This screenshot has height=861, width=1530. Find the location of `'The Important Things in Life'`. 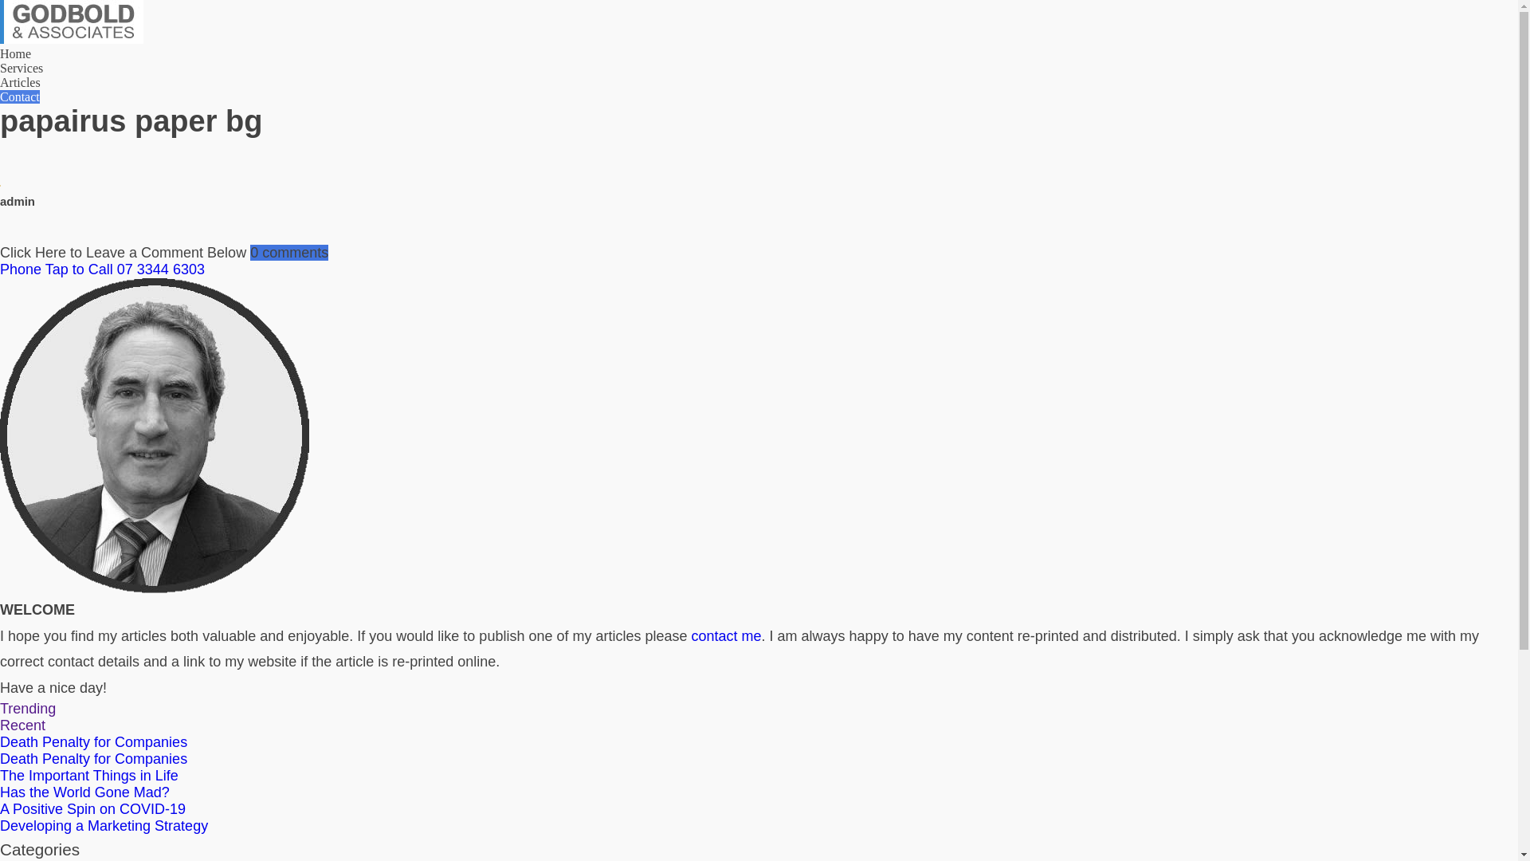

'The Important Things in Life' is located at coordinates (88, 774).